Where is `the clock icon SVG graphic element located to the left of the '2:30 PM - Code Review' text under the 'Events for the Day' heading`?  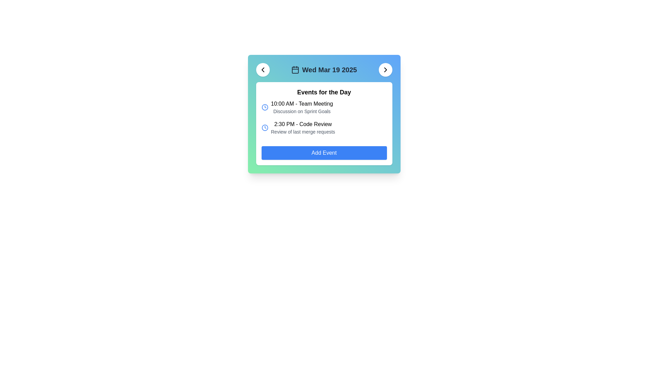 the clock icon SVG graphic element located to the left of the '2:30 PM - Code Review' text under the 'Events for the Day' heading is located at coordinates (264, 127).